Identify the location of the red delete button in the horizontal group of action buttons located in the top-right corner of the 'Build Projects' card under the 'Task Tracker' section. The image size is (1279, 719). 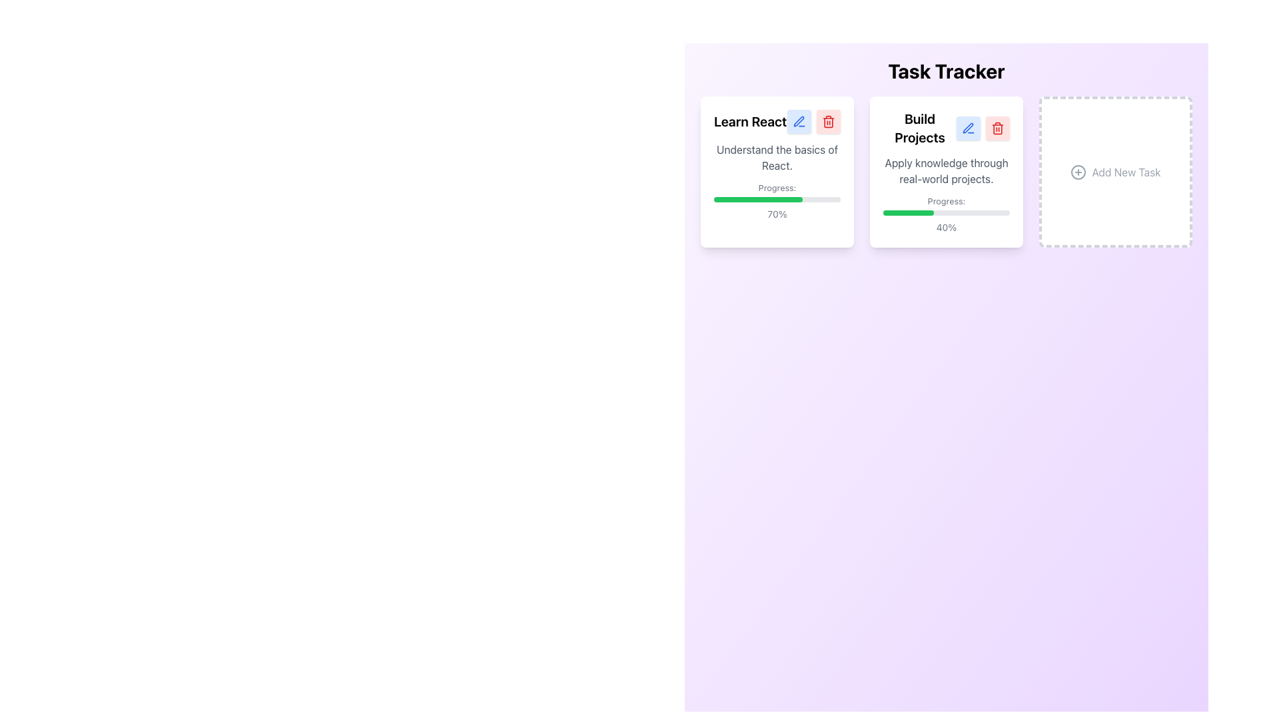
(983, 128).